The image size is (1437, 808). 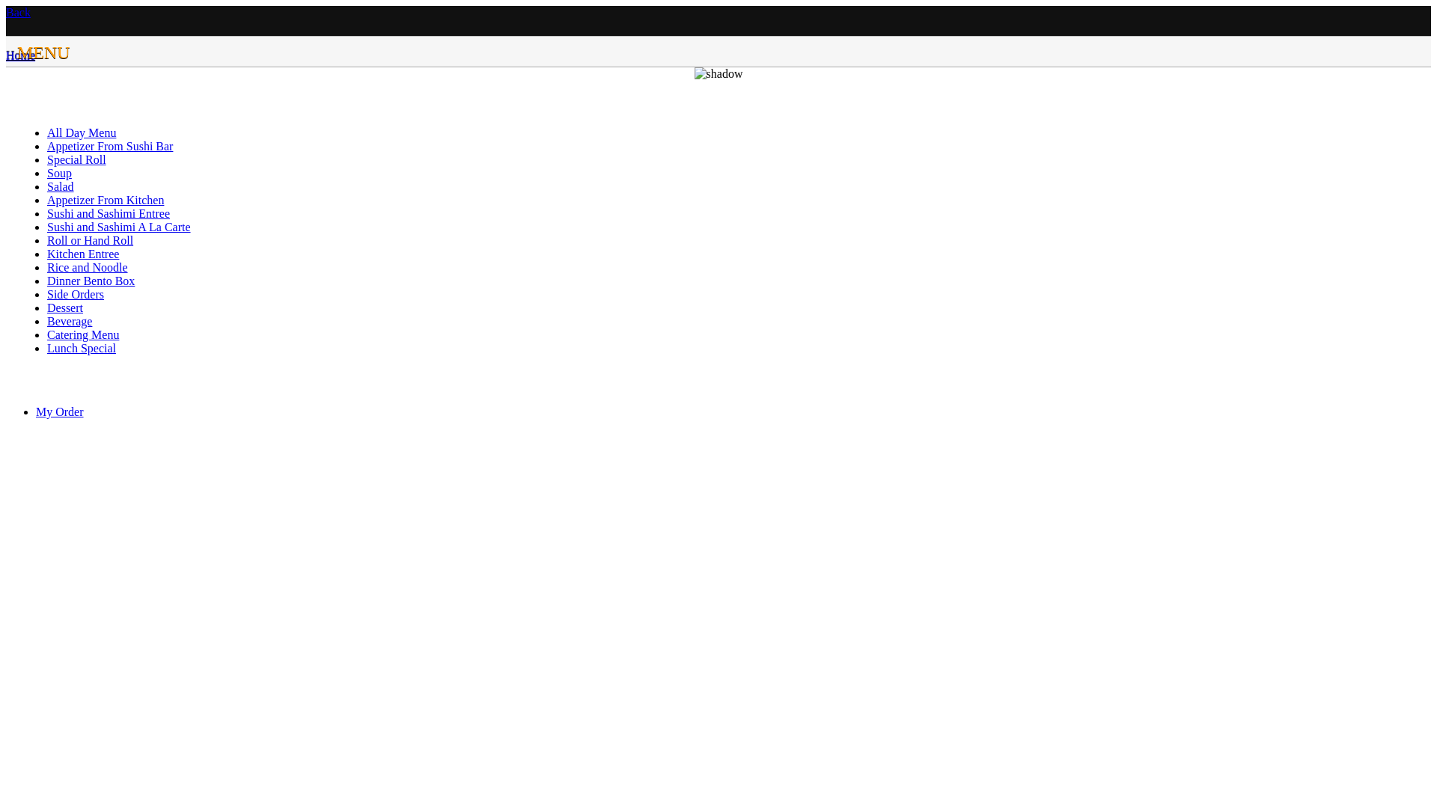 What do you see at coordinates (46, 281) in the screenshot?
I see `'Dinner Bento Box'` at bounding box center [46, 281].